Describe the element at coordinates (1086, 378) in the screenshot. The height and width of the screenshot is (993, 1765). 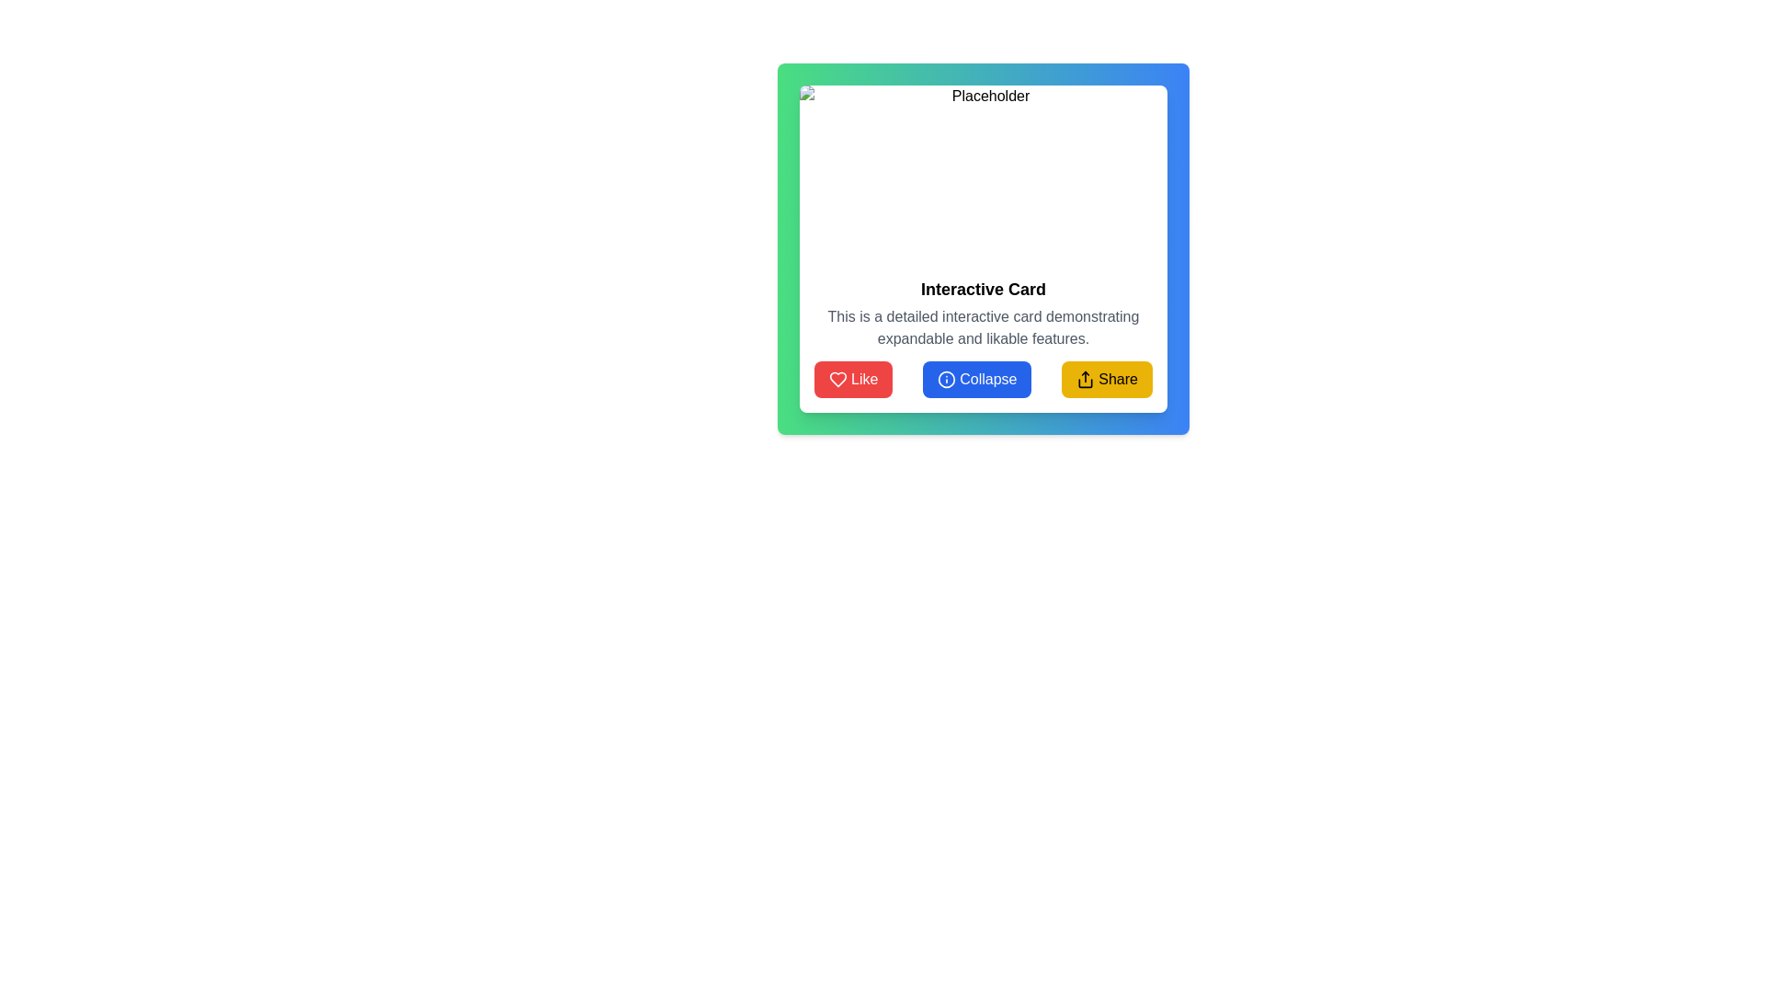
I see `the small yellow 'share' icon located to the left of the 'Share' text in the yellow button at the bottom-right of the card` at that location.